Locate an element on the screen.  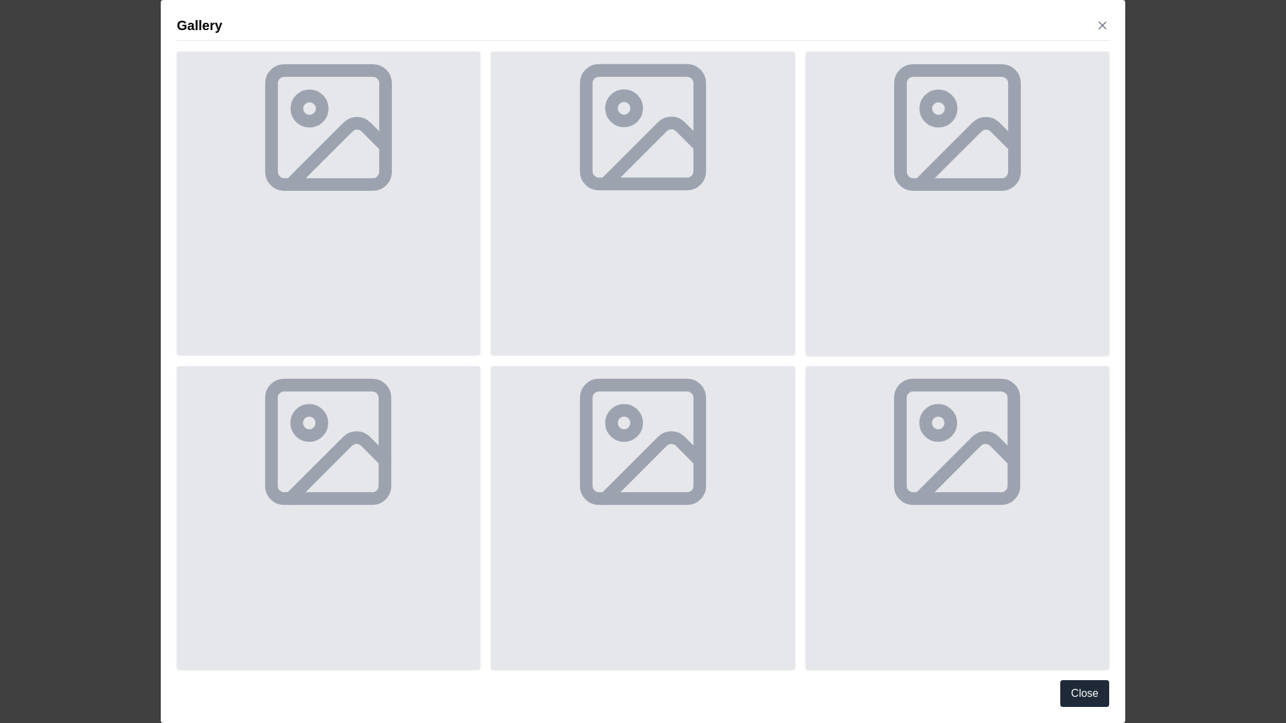
the third tile in the first row of the grid, which is an image placeholder with a light gray background and rounded corners is located at coordinates (956, 203).